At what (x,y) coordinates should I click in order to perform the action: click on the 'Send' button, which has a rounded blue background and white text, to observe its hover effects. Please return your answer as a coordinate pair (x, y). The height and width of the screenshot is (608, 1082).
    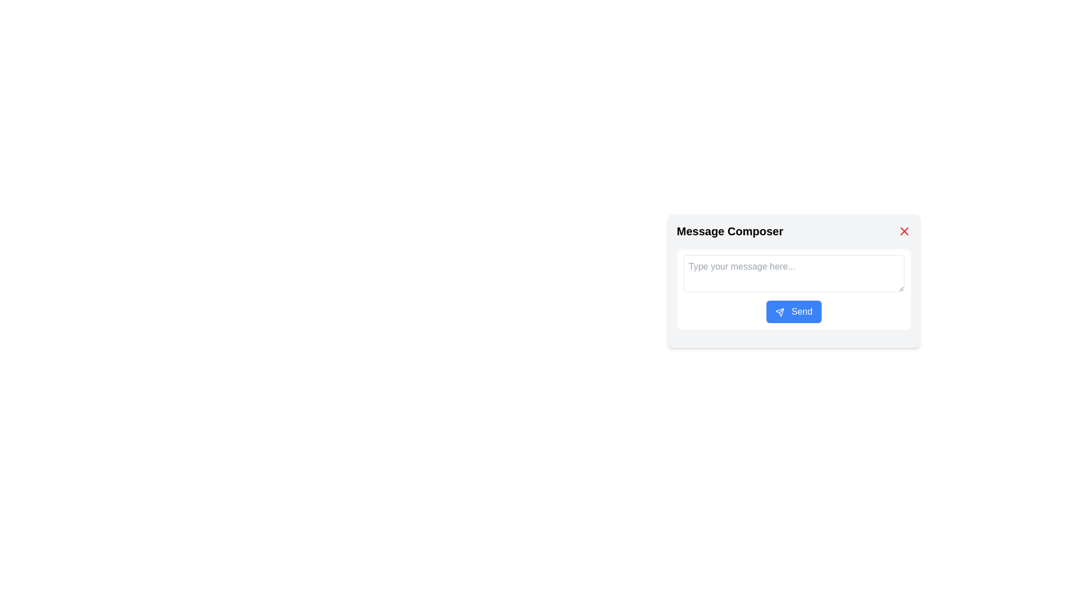
    Looking at the image, I should click on (793, 312).